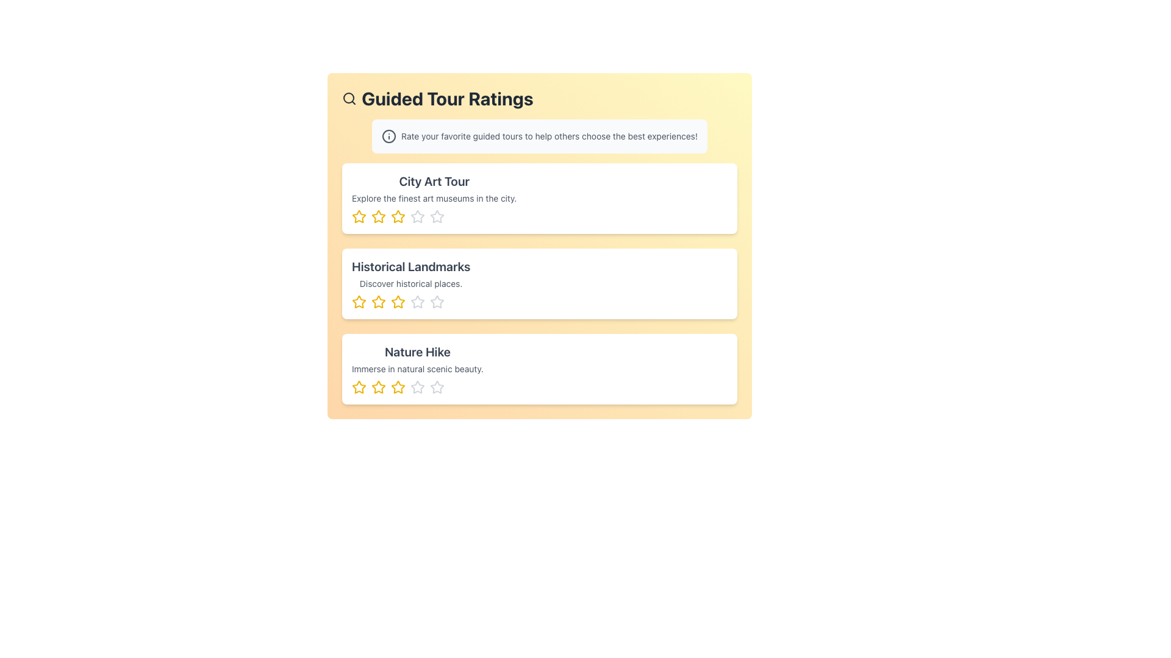 Image resolution: width=1171 pixels, height=658 pixels. What do you see at coordinates (417, 368) in the screenshot?
I see `the Text block element that reads 'Nature Hike' and describes it as 'Immerse in natural scenic beauty.'` at bounding box center [417, 368].